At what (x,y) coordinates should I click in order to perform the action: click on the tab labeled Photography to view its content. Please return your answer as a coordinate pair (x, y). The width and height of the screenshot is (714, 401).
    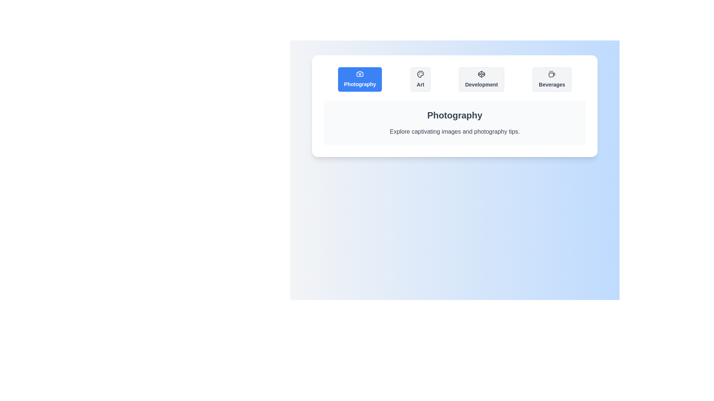
    Looking at the image, I should click on (360, 79).